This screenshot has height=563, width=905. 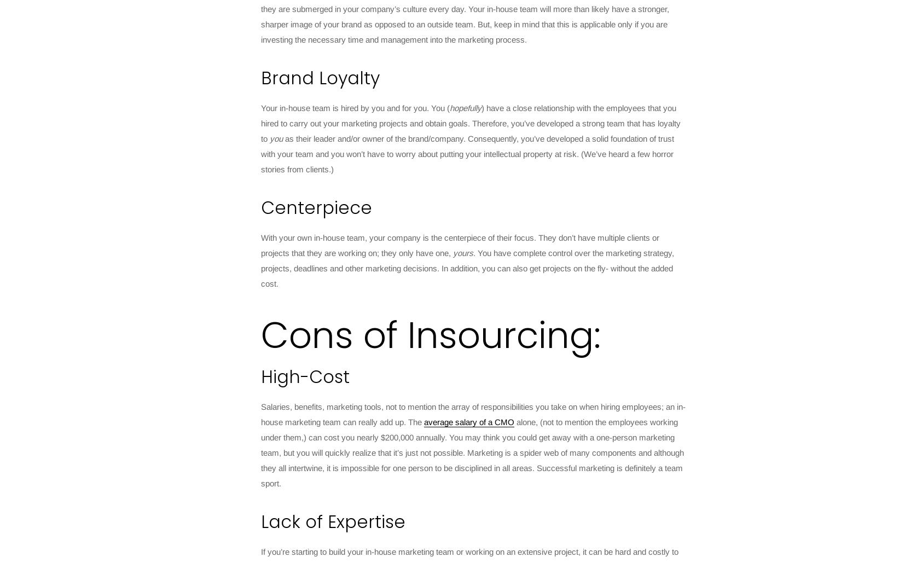 I want to click on 'you', so click(x=276, y=138).